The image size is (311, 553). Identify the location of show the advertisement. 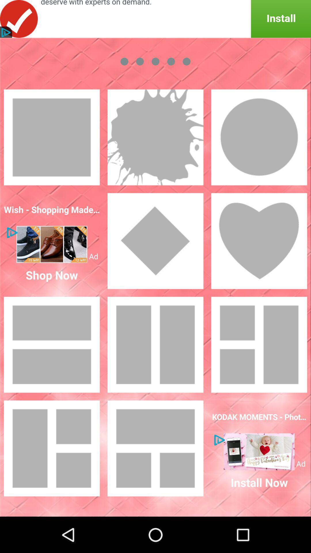
(259, 451).